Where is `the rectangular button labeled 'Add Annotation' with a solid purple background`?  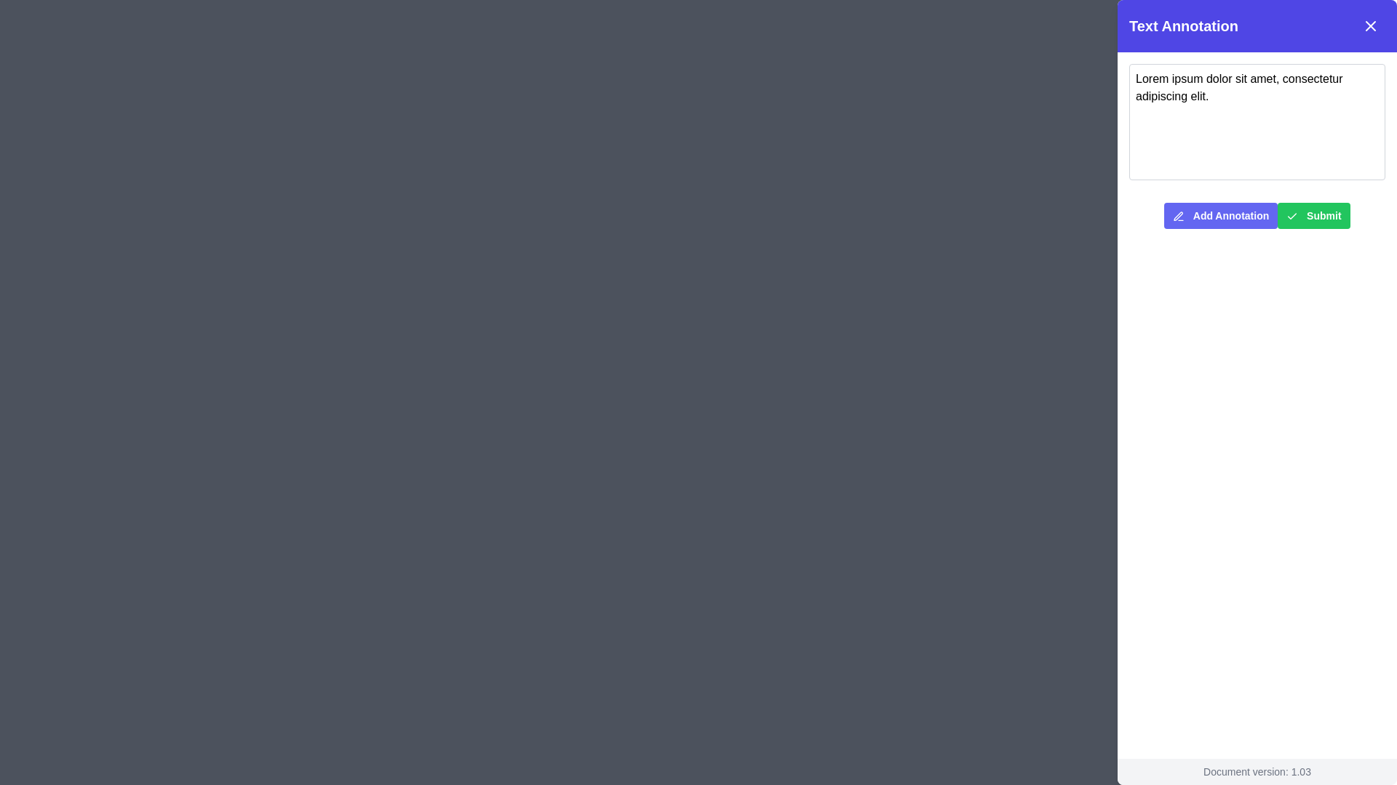 the rectangular button labeled 'Add Annotation' with a solid purple background is located at coordinates (1221, 216).